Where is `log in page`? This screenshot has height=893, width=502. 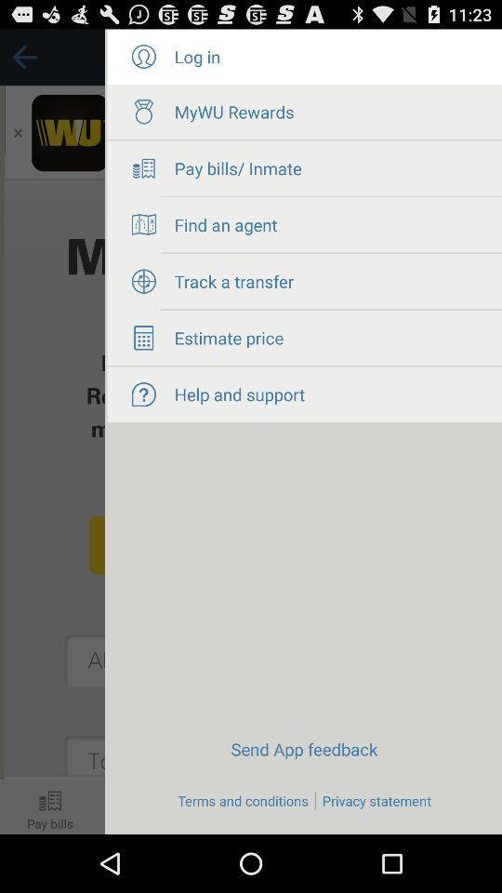
log in page is located at coordinates (142, 57).